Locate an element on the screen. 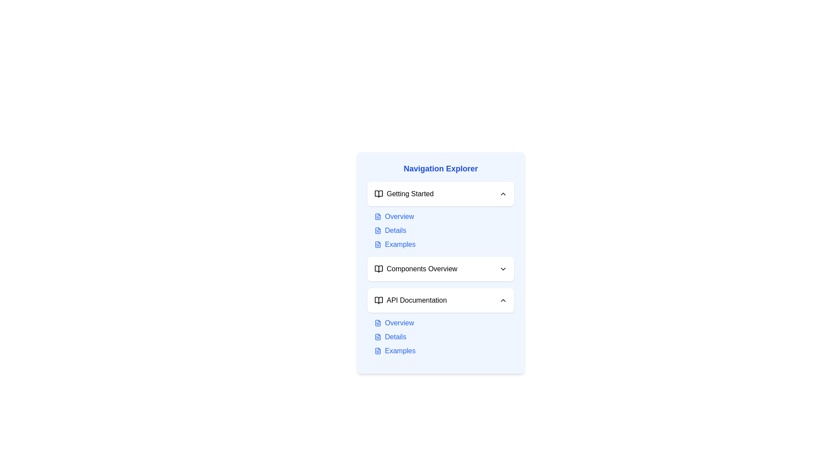  the navigational links in the first collapsible panel under 'Getting Started' is located at coordinates (440, 215).